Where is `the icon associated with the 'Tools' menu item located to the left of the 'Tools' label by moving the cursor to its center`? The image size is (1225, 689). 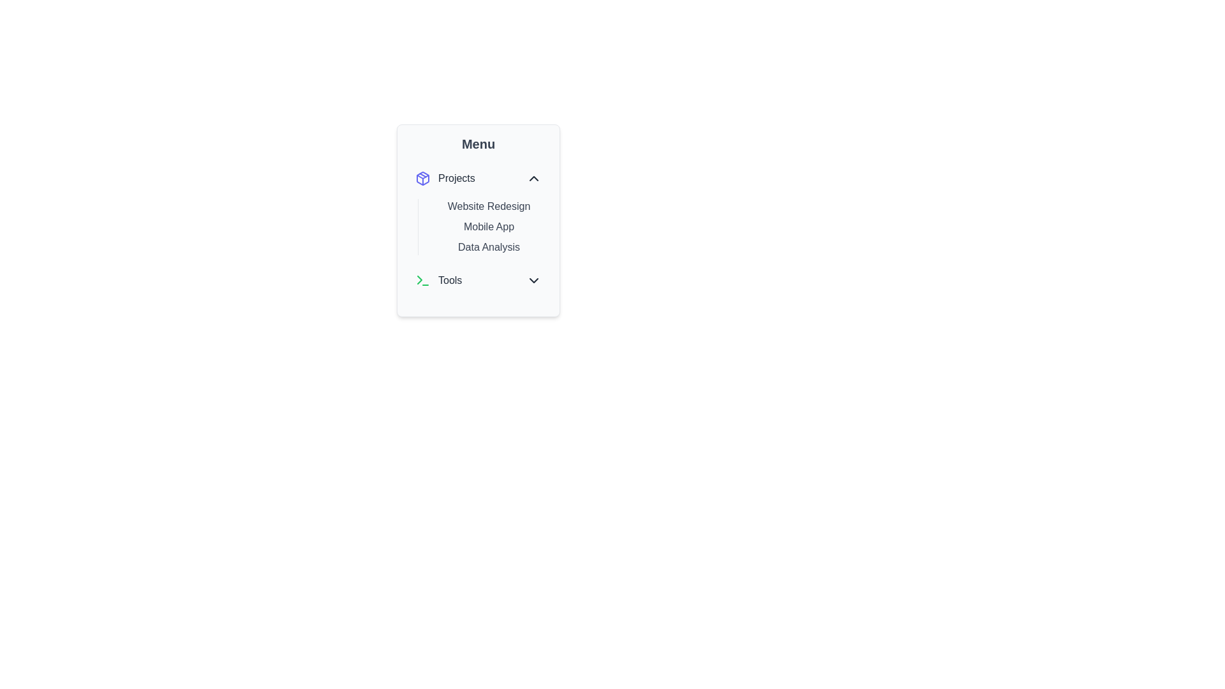
the icon associated with the 'Tools' menu item located to the left of the 'Tools' label by moving the cursor to its center is located at coordinates (422, 279).